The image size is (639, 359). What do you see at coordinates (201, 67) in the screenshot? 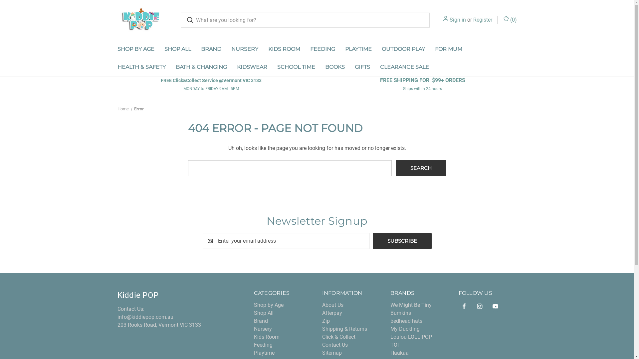
I see `'BATH & CHANGING'` at bounding box center [201, 67].